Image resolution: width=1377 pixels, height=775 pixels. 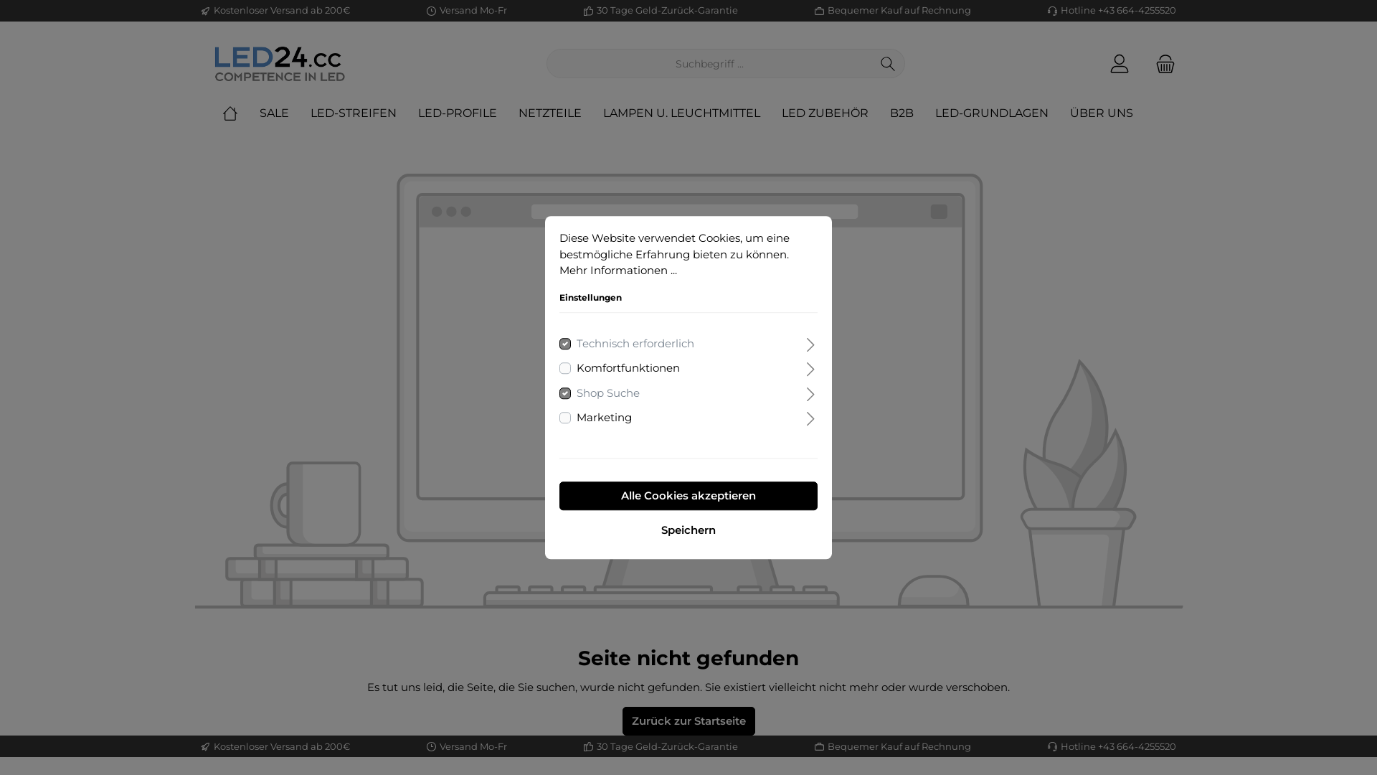 I want to click on 'SALE', so click(x=285, y=113).